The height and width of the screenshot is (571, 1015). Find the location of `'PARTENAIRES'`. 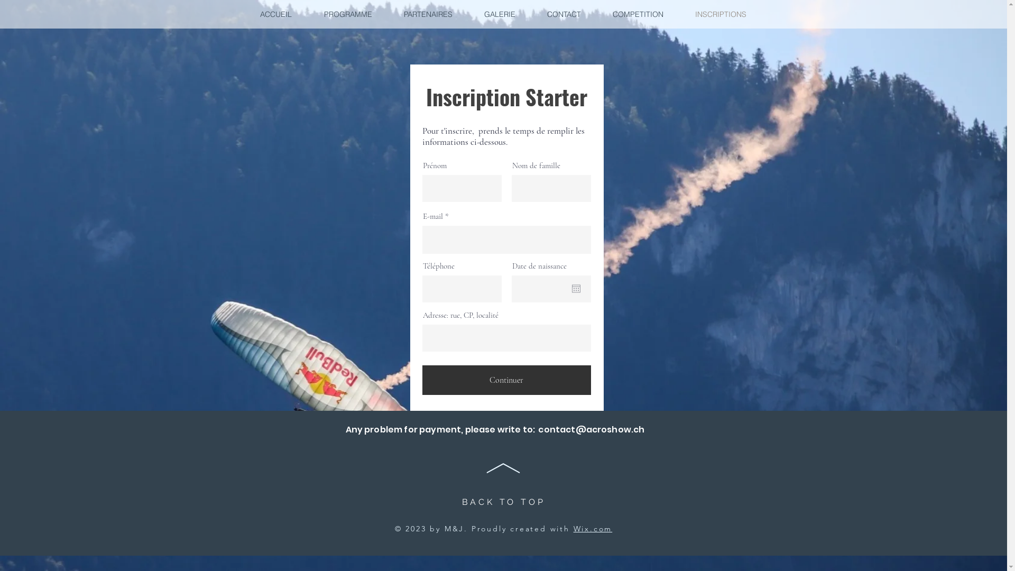

'PARTENAIRES' is located at coordinates (428, 14).